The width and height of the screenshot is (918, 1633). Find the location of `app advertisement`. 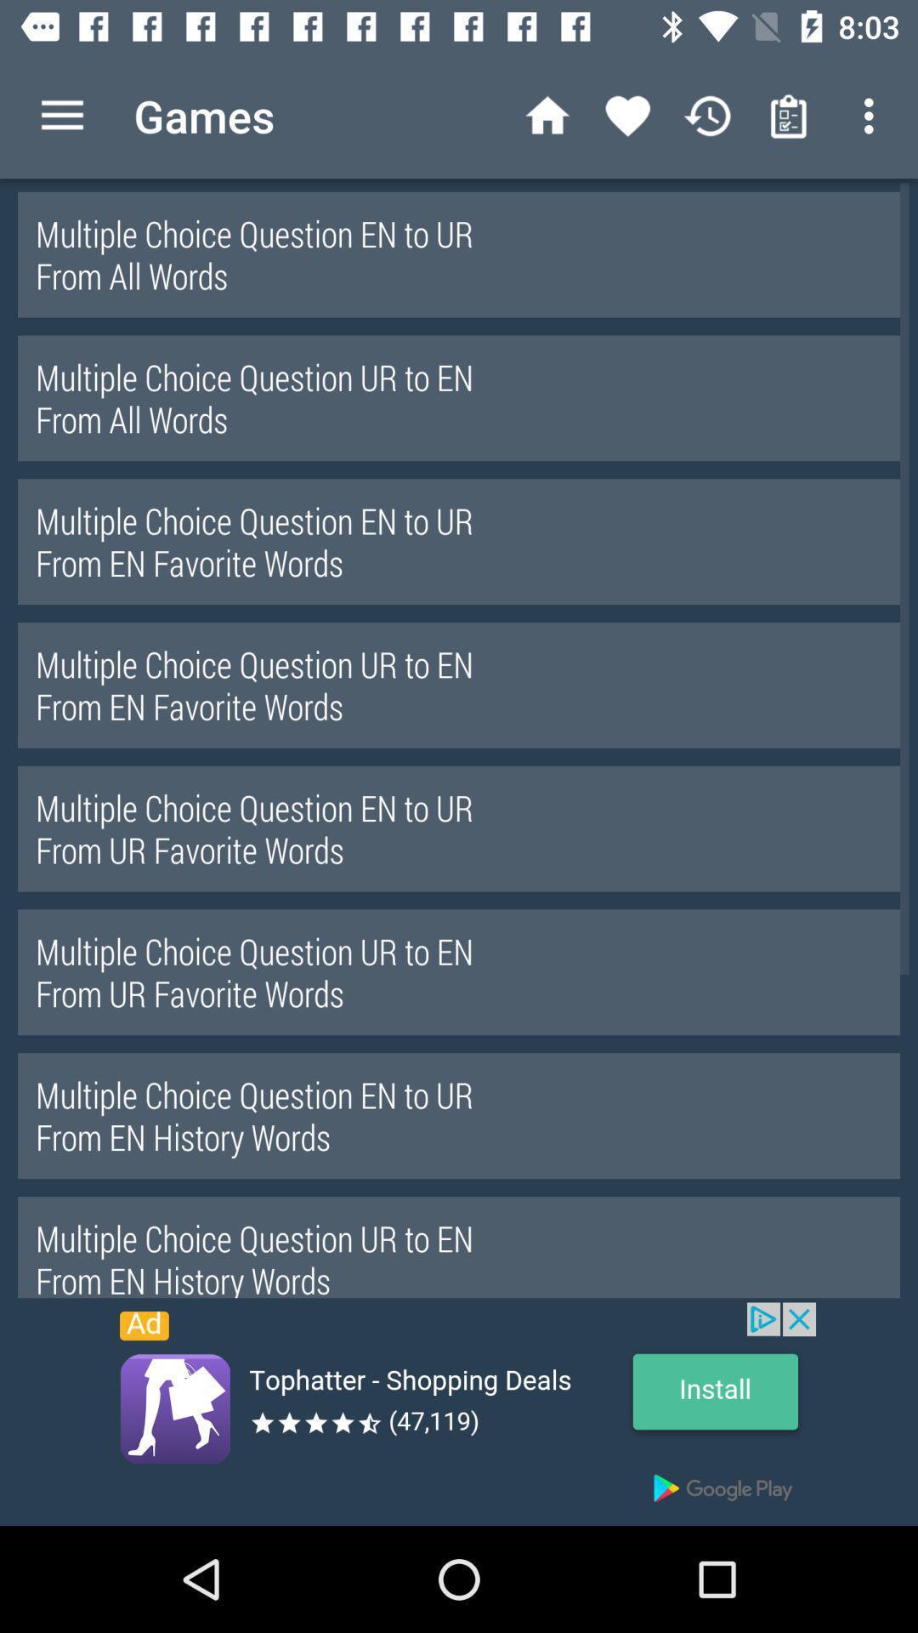

app advertisement is located at coordinates (459, 1414).